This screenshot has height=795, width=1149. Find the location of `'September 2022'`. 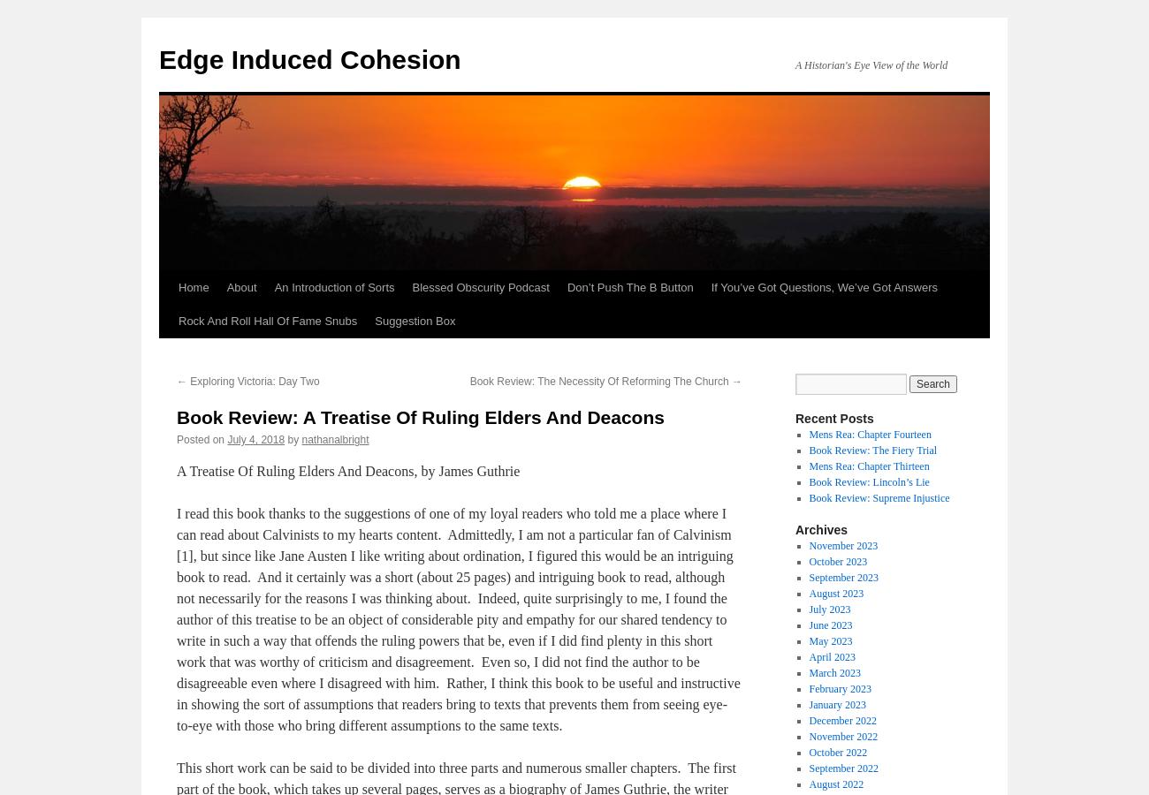

'September 2022' is located at coordinates (807, 768).